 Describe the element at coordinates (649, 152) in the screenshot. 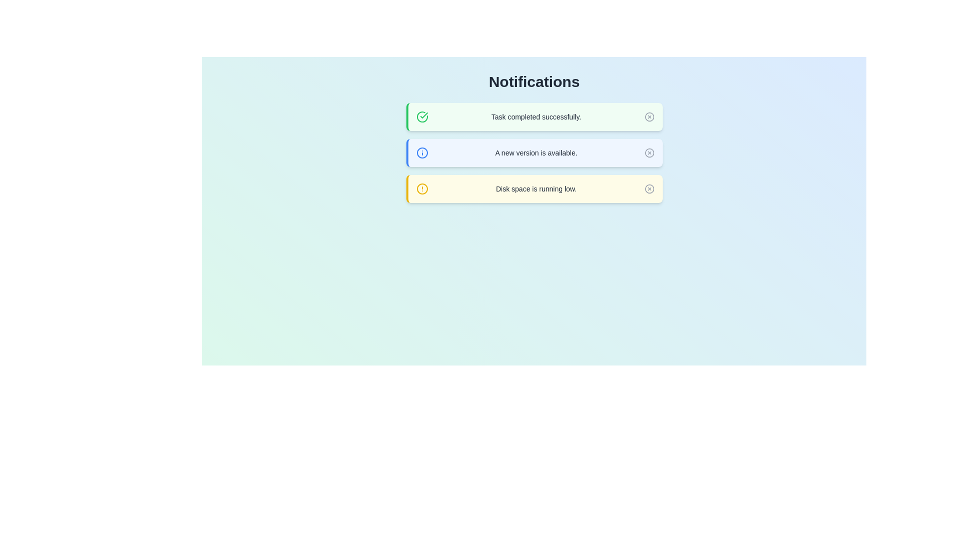

I see `close button for the notification with message 'A new version is available.'` at that location.